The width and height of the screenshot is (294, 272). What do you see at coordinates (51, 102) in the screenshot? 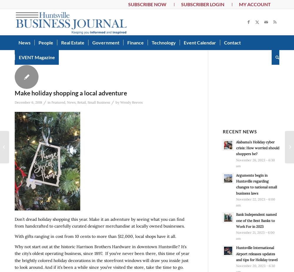
I see `'Featured'` at bounding box center [51, 102].